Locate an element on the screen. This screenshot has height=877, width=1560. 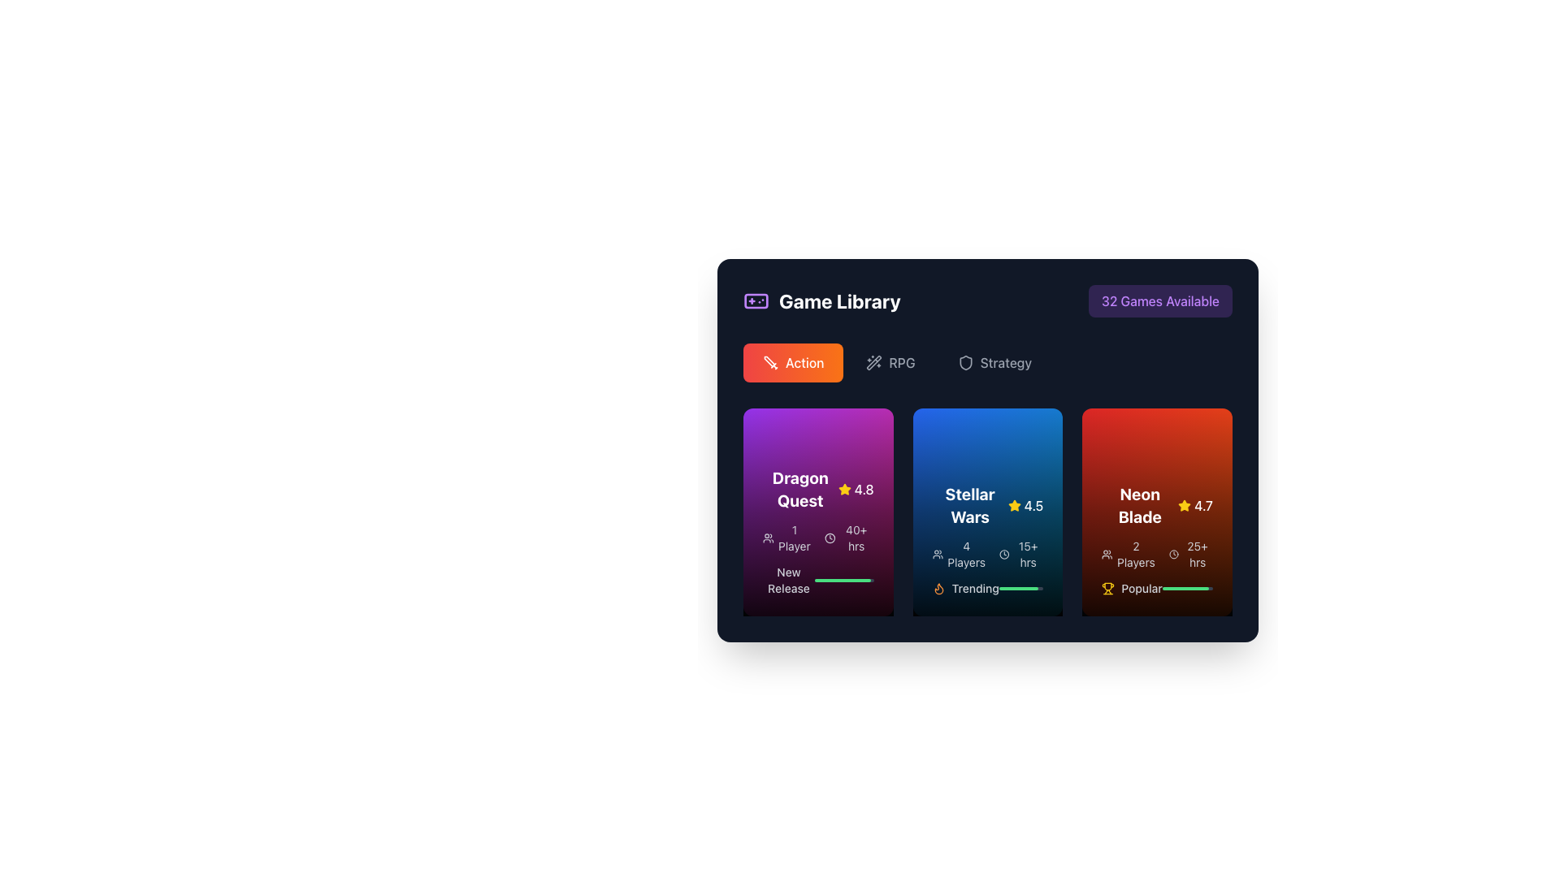
the 'Trending' text label, which is styled with a small-sized font, medium weight, and gray color, located near a flame-shaped icon in an orange hue within the 'Stellar Wars' game card is located at coordinates (975, 589).